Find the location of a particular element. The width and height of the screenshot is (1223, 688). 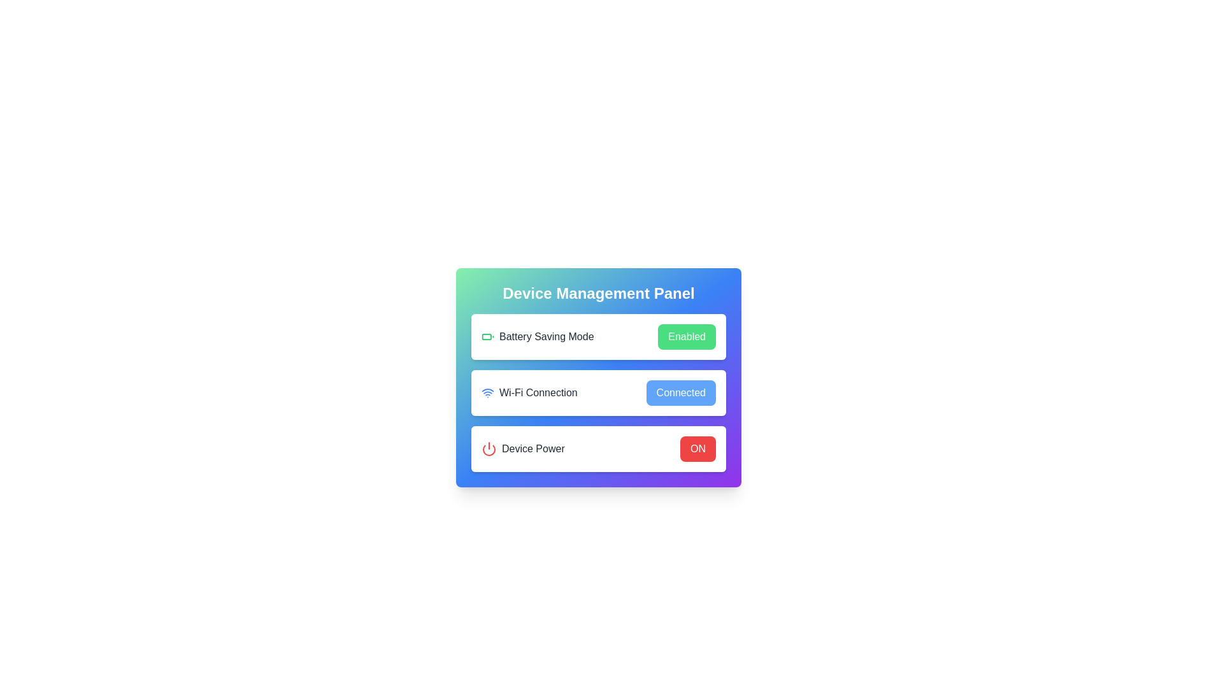

the 'Battery Saving Mode' button is located at coordinates (686, 336).